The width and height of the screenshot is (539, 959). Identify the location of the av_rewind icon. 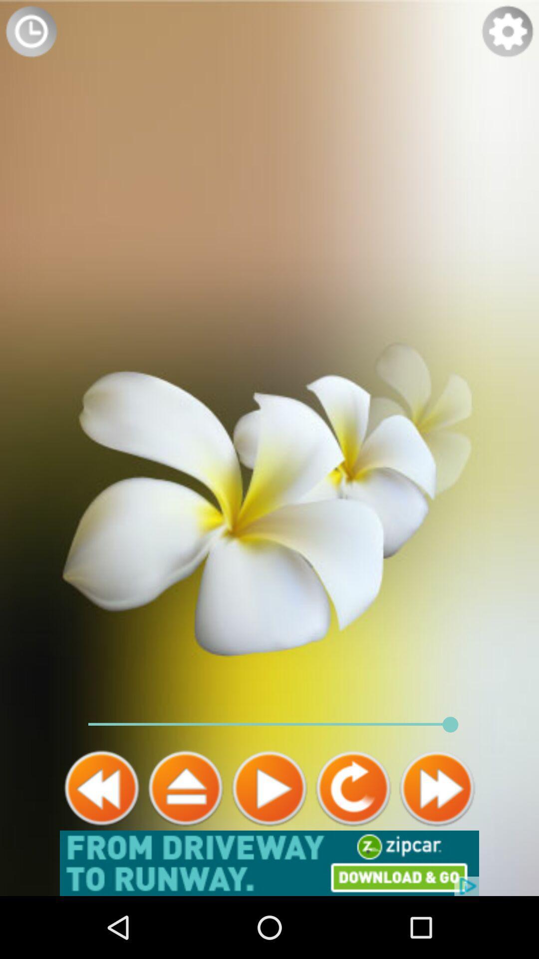
(102, 788).